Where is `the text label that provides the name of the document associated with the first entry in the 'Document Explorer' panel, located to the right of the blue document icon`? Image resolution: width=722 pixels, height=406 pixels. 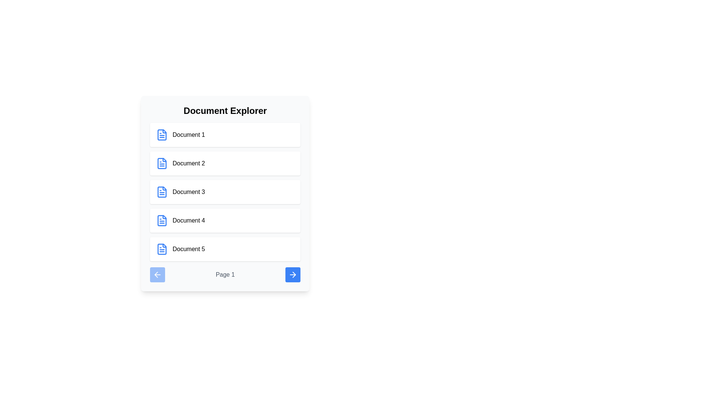
the text label that provides the name of the document associated with the first entry in the 'Document Explorer' panel, located to the right of the blue document icon is located at coordinates (189, 134).